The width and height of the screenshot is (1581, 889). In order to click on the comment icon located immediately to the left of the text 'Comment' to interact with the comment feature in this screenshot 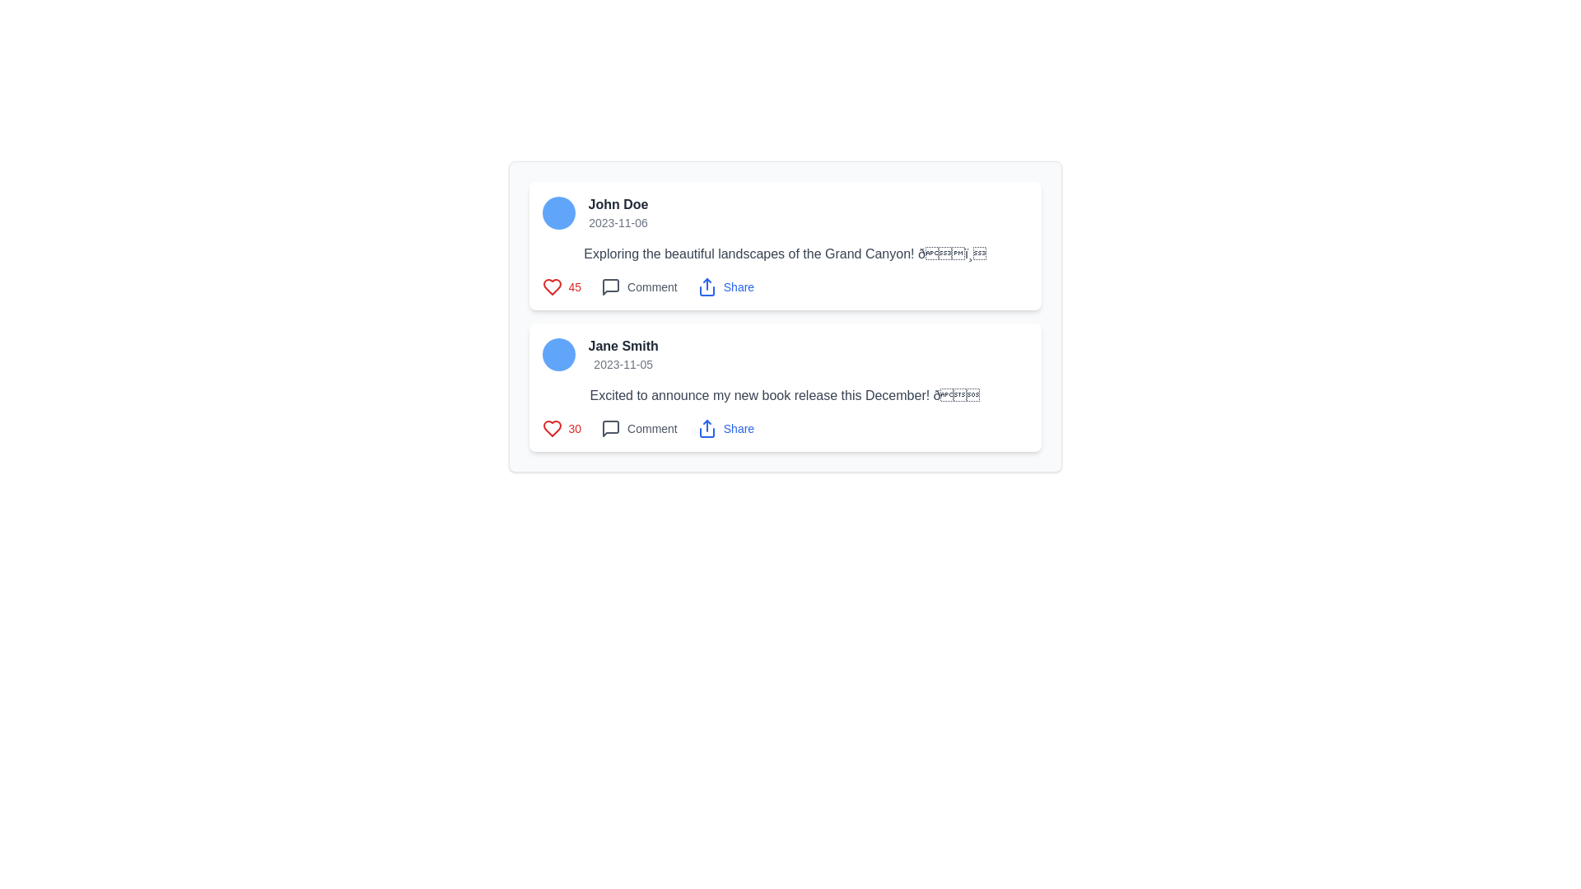, I will do `click(610, 286)`.